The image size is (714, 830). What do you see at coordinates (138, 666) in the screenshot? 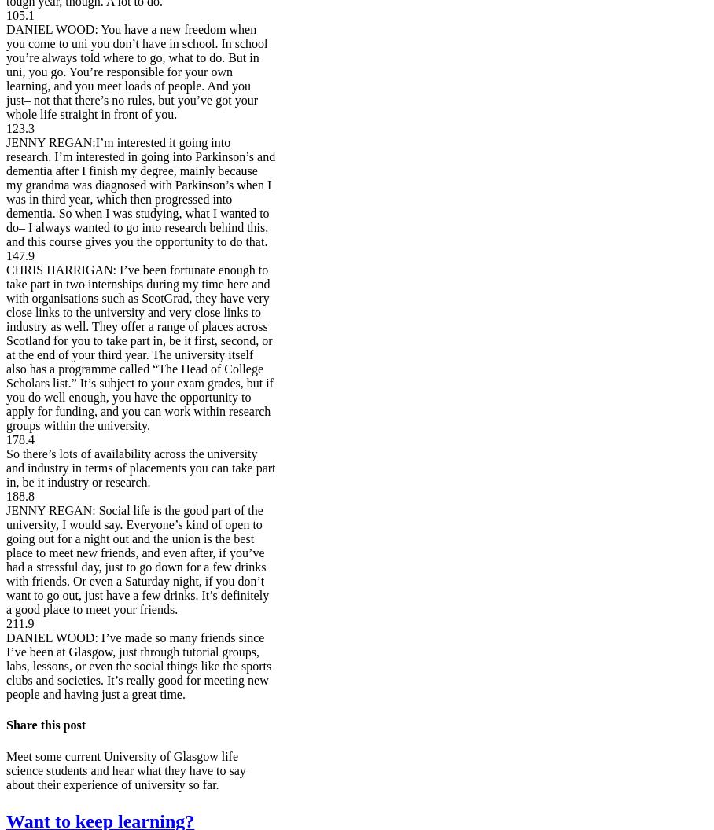
I see `'DANIEL WOOD: I’ve made so many friends since I’ve been at Glasgow, just through tutorial groups, labs, lessons, or even the social things like the sports clubs and societies. It’s really good for meeting new people and having just a great time.'` at bounding box center [138, 666].